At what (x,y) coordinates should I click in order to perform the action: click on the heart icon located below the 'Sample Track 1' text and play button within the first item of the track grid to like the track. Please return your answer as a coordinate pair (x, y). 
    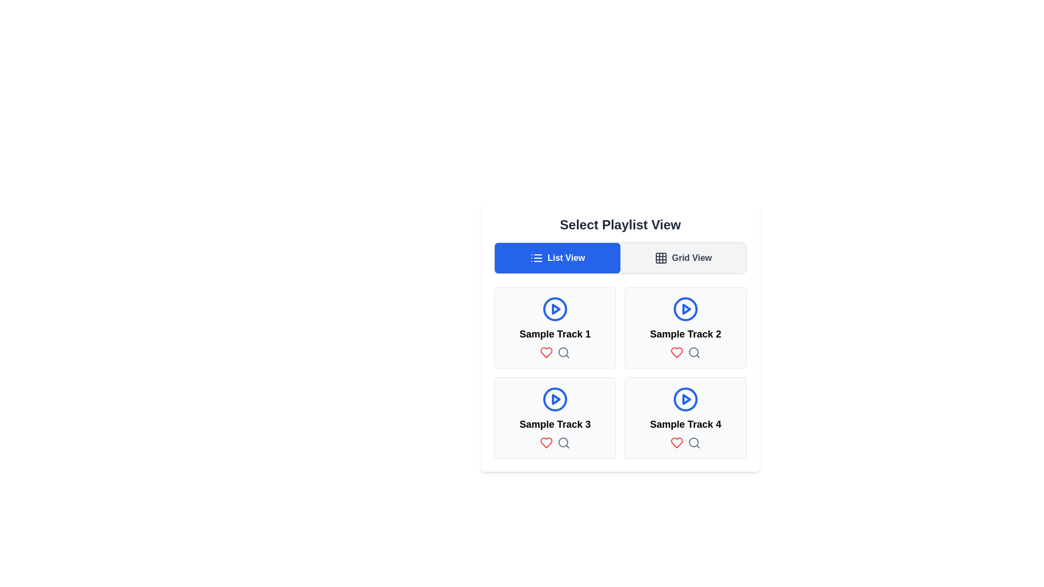
    Looking at the image, I should click on (555, 352).